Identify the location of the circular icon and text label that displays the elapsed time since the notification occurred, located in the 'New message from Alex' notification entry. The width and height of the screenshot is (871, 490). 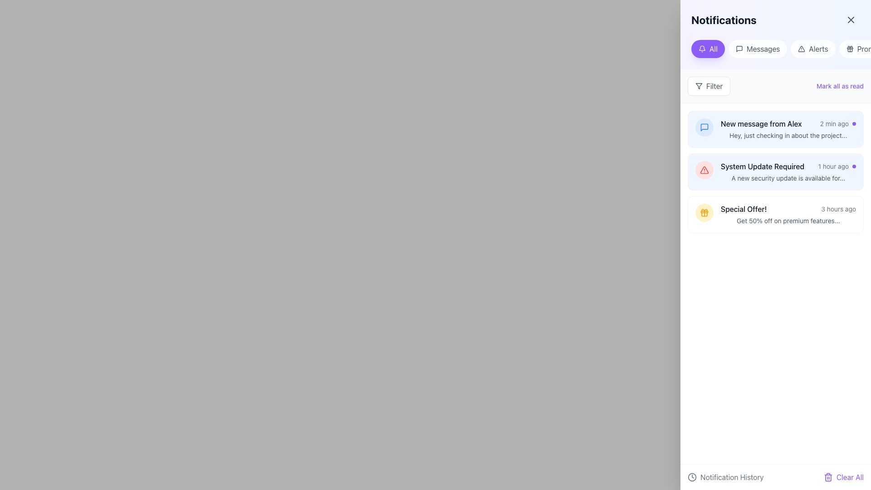
(837, 124).